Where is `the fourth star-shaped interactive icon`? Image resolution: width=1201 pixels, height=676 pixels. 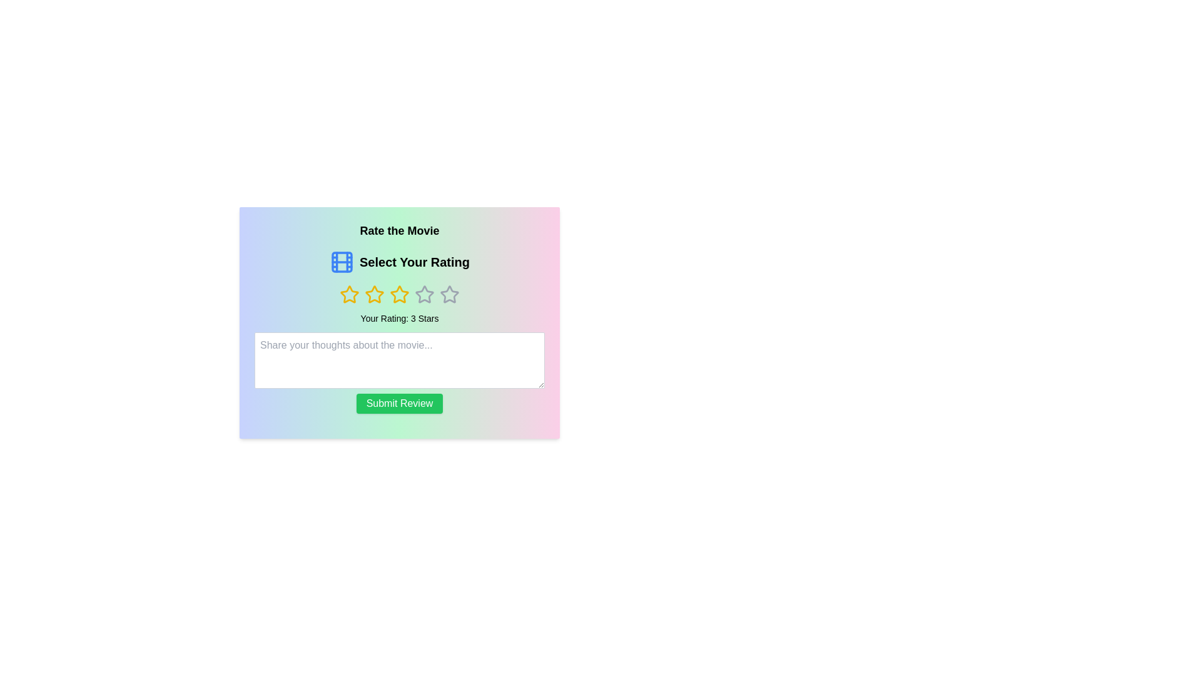 the fourth star-shaped interactive icon is located at coordinates (423, 294).